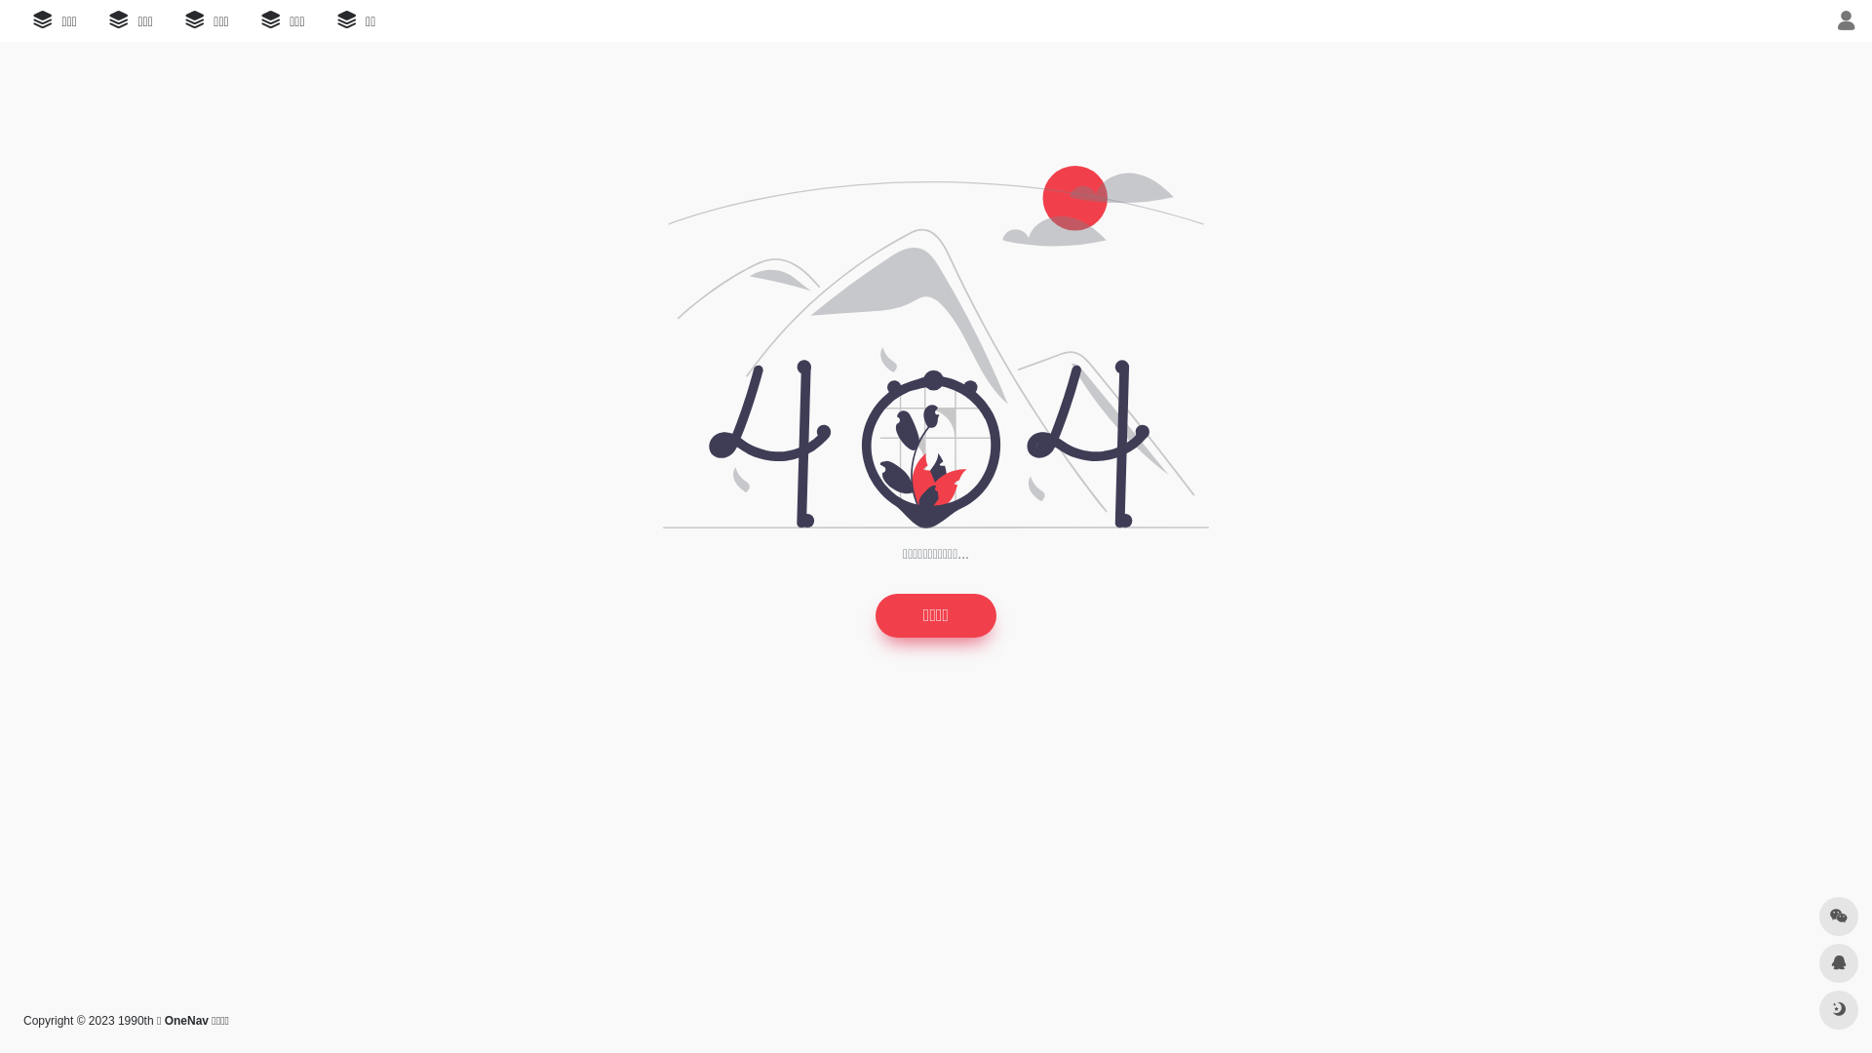  I want to click on 'OneNav', so click(186, 1019).